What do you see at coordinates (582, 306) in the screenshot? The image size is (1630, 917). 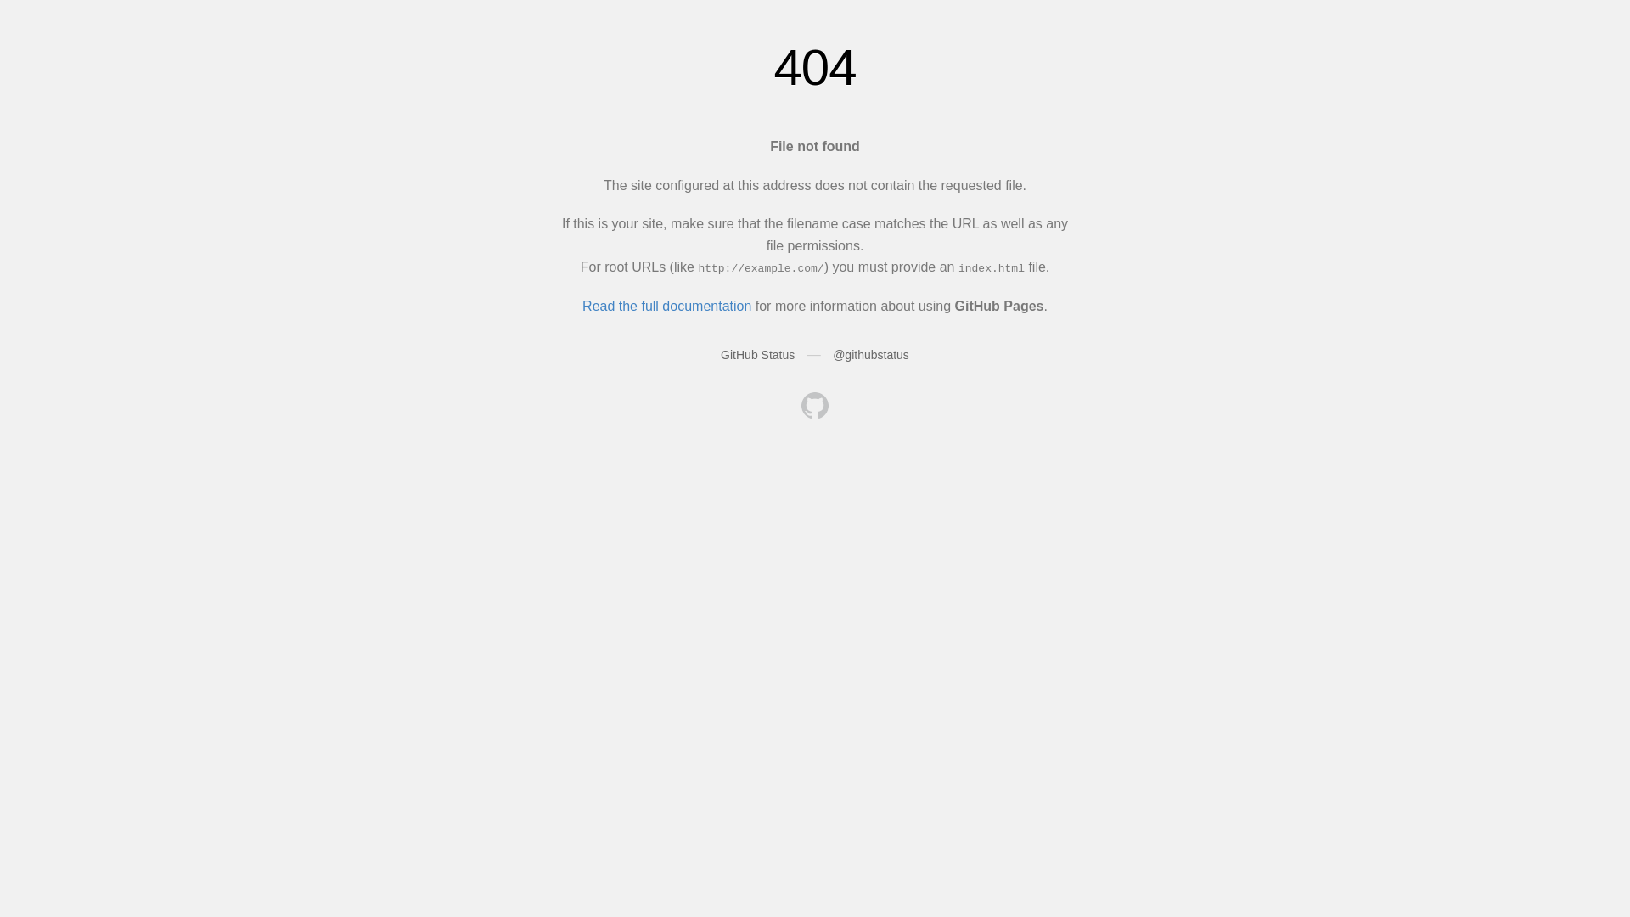 I see `'Read the full documentation'` at bounding box center [582, 306].